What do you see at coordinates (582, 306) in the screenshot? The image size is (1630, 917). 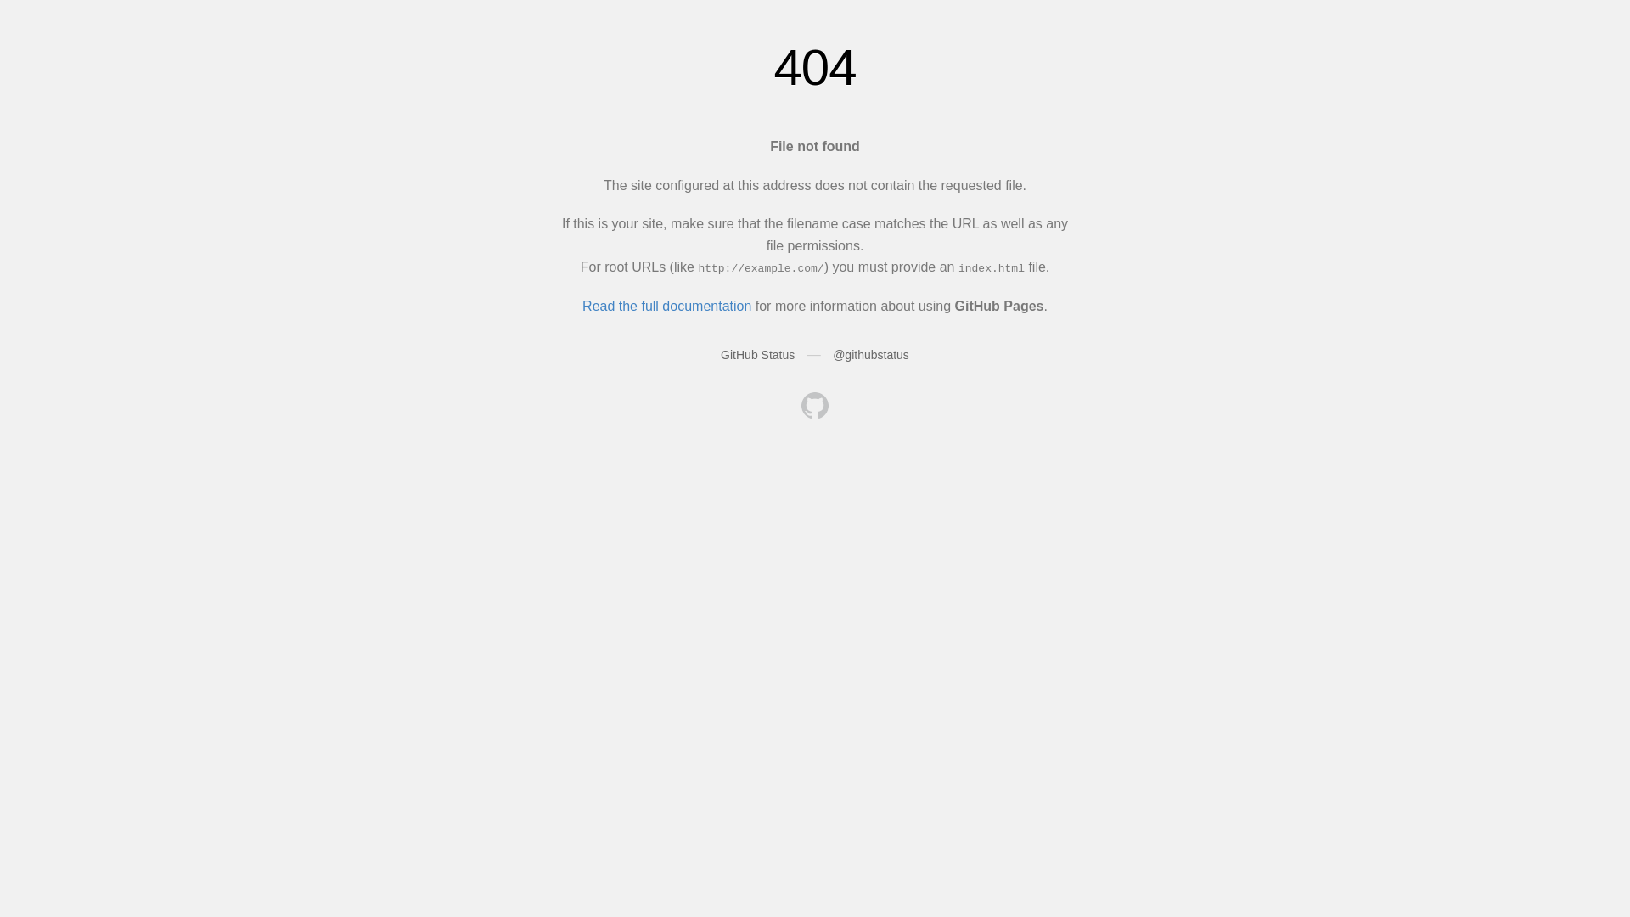 I see `'Read the full documentation'` at bounding box center [582, 306].